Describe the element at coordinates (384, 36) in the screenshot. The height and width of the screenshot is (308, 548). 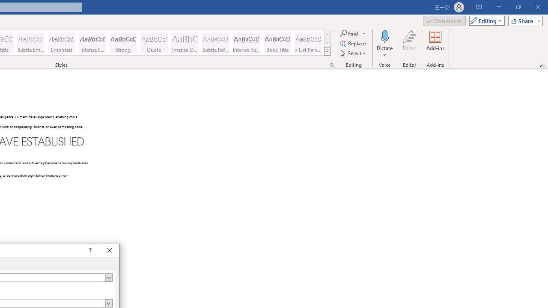
I see `'Dictate'` at that location.